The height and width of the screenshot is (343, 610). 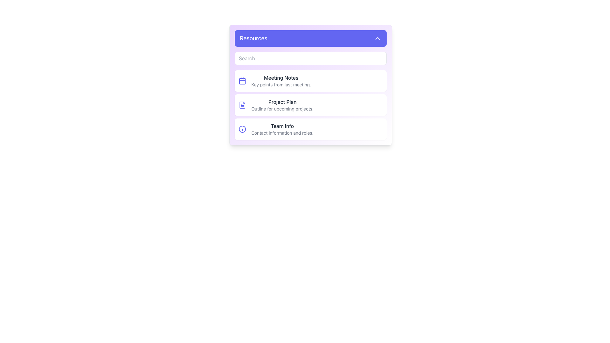 I want to click on text label located directly beneath the 'Team Info' label in the resource section, which provides context about the 'Team Info' category, so click(x=282, y=133).